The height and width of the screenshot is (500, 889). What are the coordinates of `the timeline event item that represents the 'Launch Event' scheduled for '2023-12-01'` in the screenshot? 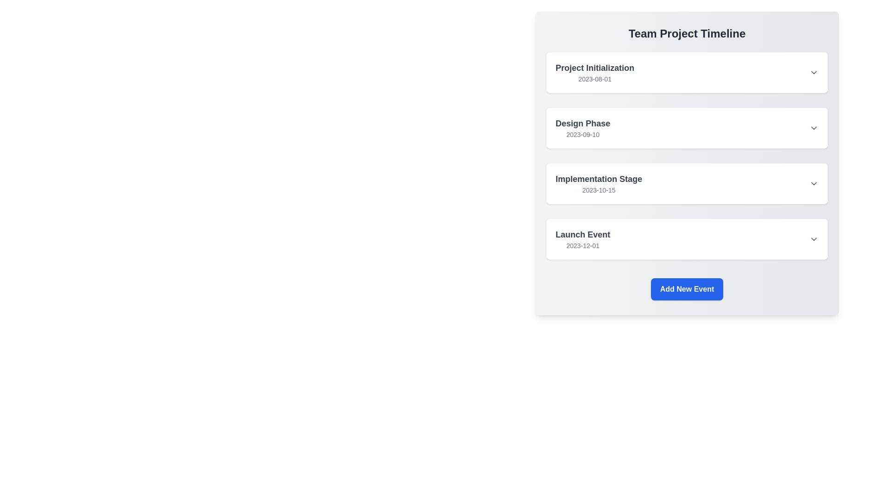 It's located at (687, 238).